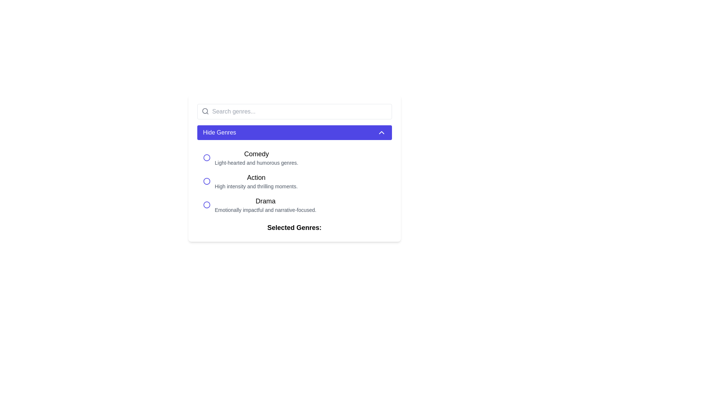  I want to click on the text label displaying 'Action', which is a larger, bold title located between the 'Comedy' and 'Drama' items, serving as a header for its section, so click(256, 178).